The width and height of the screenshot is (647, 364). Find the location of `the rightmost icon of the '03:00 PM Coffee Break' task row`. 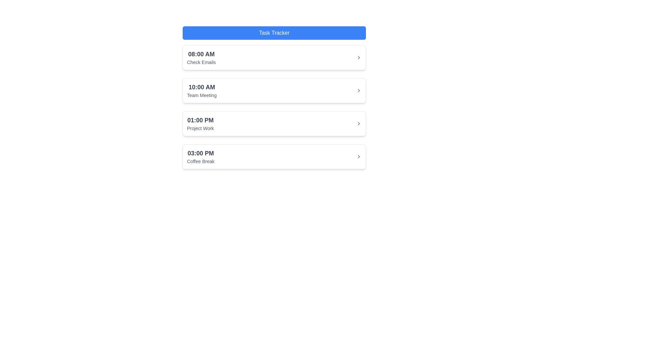

the rightmost icon of the '03:00 PM Coffee Break' task row is located at coordinates (359, 157).